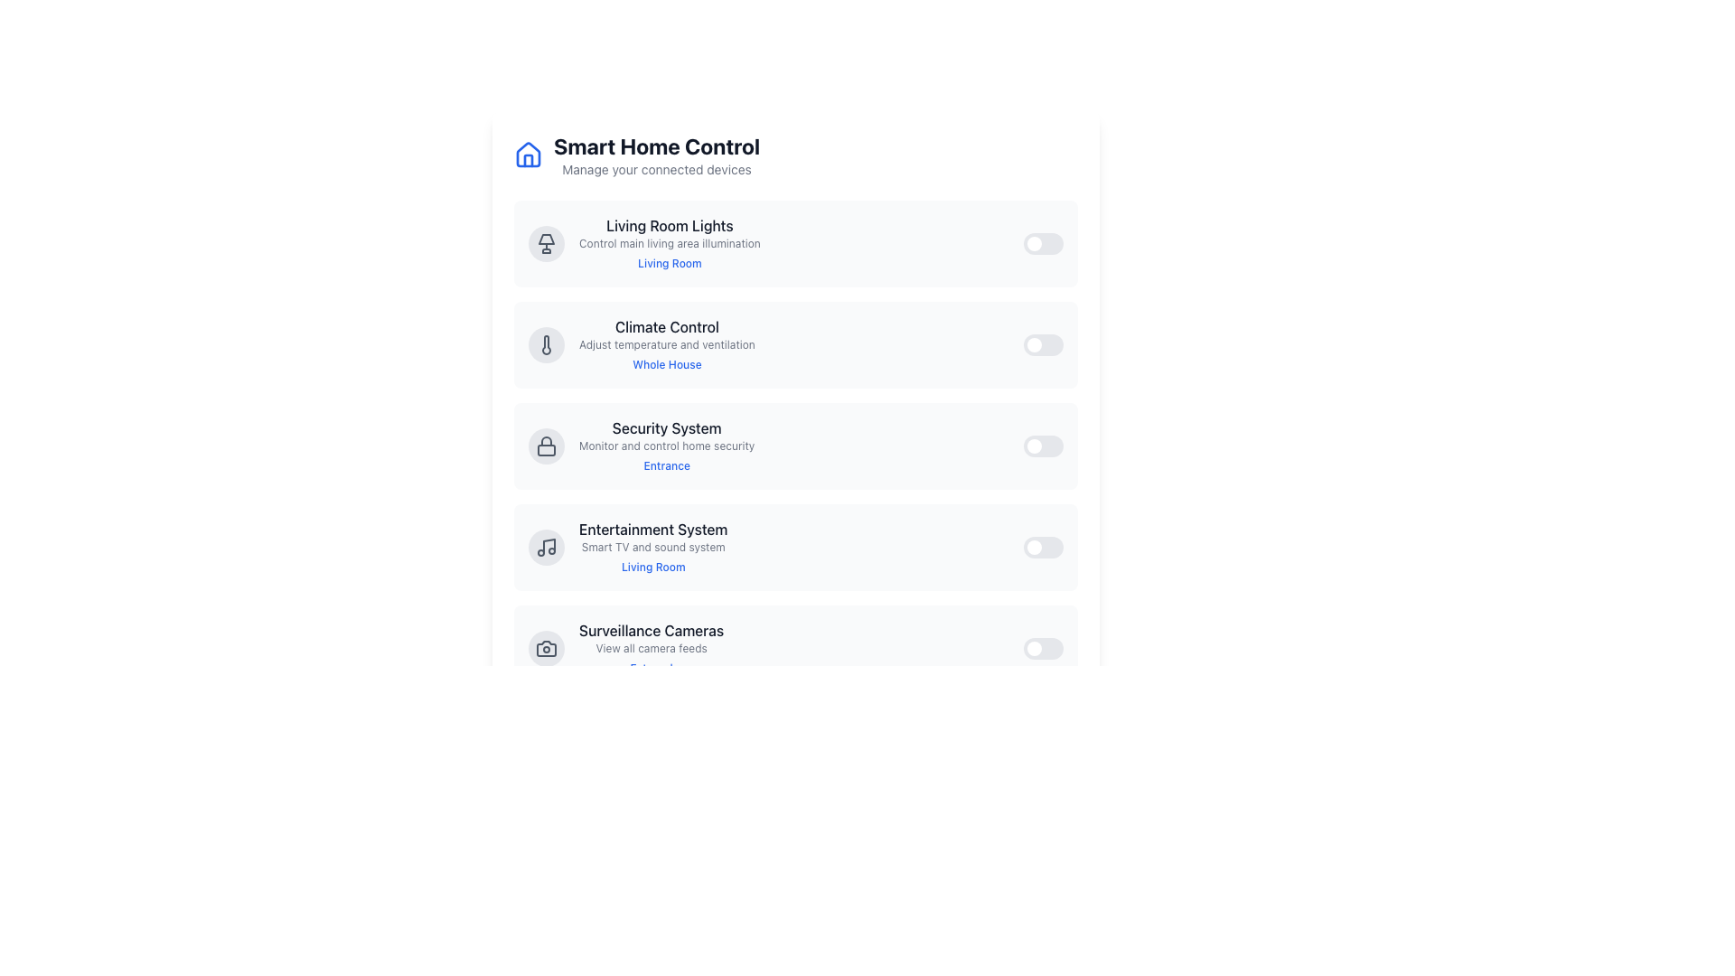 This screenshot has width=1735, height=976. Describe the element at coordinates (626, 647) in the screenshot. I see `the bottommost list item in the surveillance camera feeds section to trigger tooltip or hover effects` at that location.